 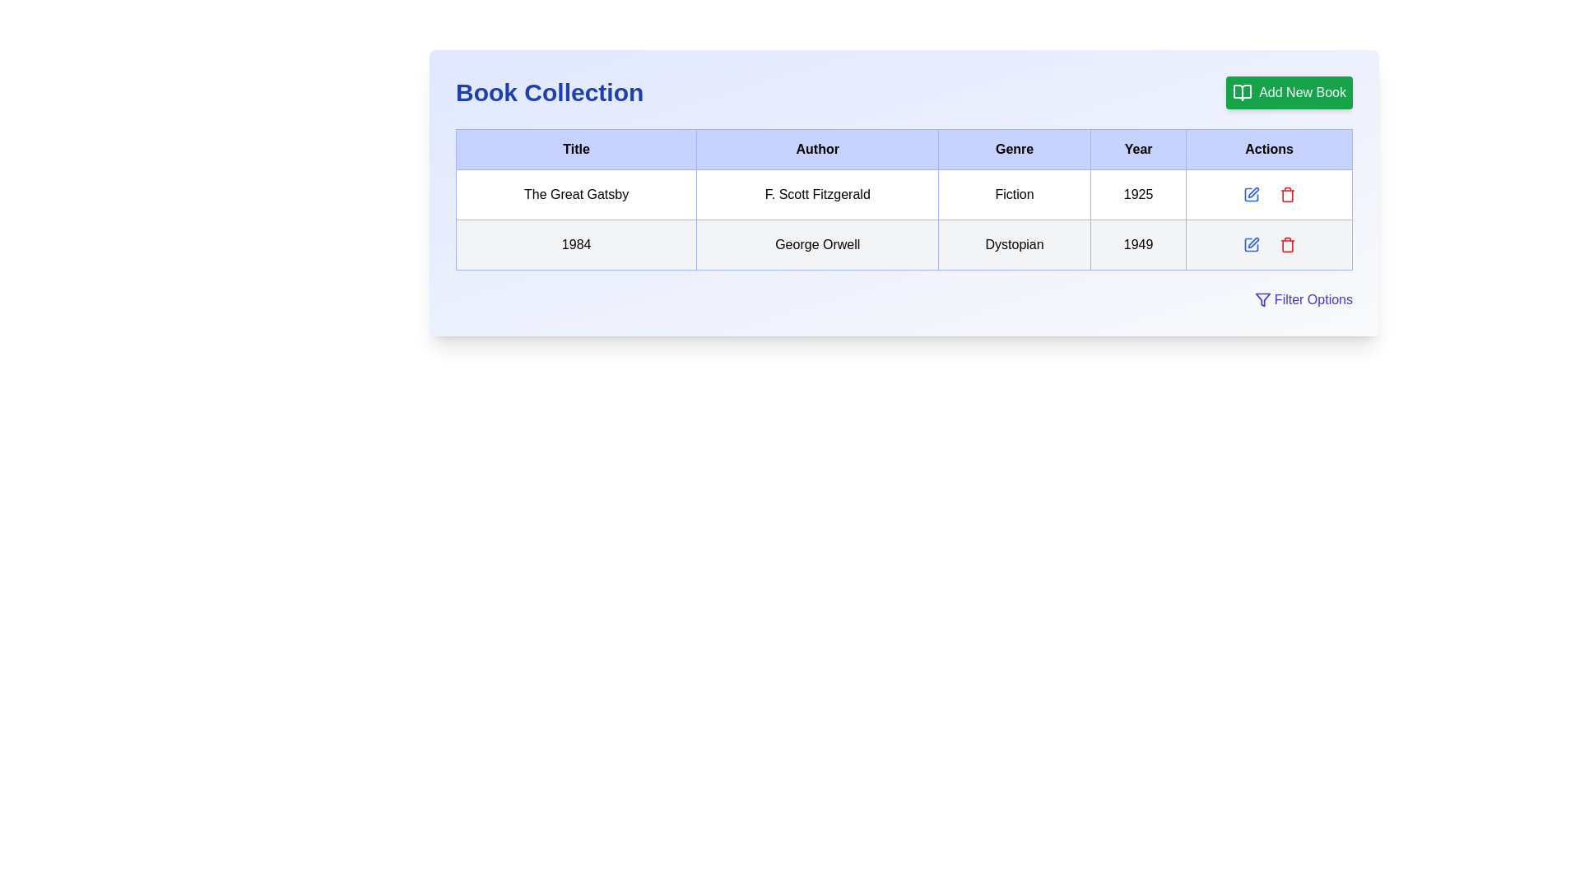 What do you see at coordinates (576, 193) in the screenshot?
I see `text content of the title block for the book 'The Great Gatsby' located in the first column of the first row in the table` at bounding box center [576, 193].